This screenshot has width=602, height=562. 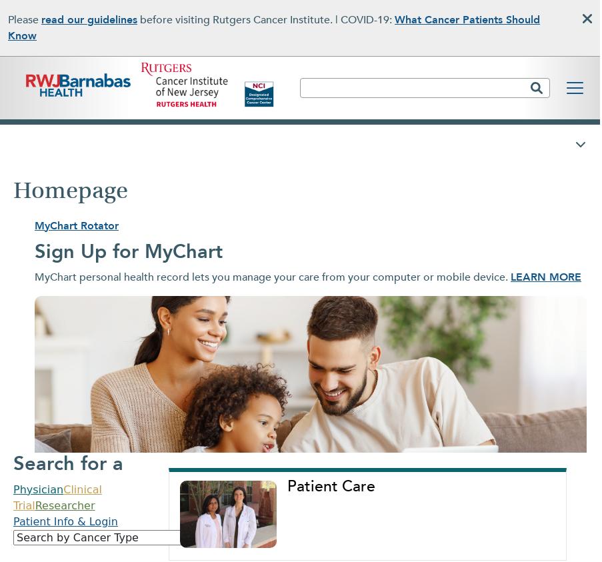 What do you see at coordinates (332, 50) in the screenshot?
I see `'Clinical Trials'` at bounding box center [332, 50].